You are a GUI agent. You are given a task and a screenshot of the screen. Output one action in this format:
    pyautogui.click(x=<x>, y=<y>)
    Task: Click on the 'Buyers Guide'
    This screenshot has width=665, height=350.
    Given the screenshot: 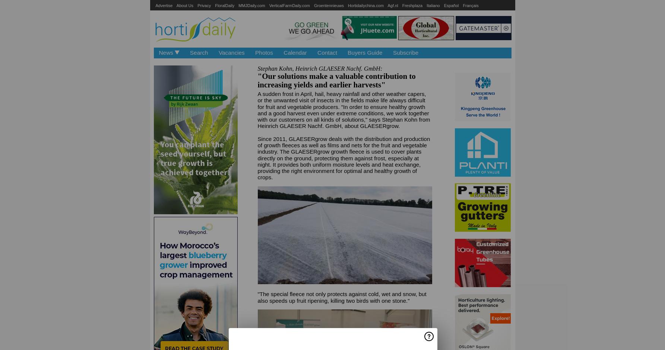 What is the action you would take?
    pyautogui.click(x=347, y=52)
    